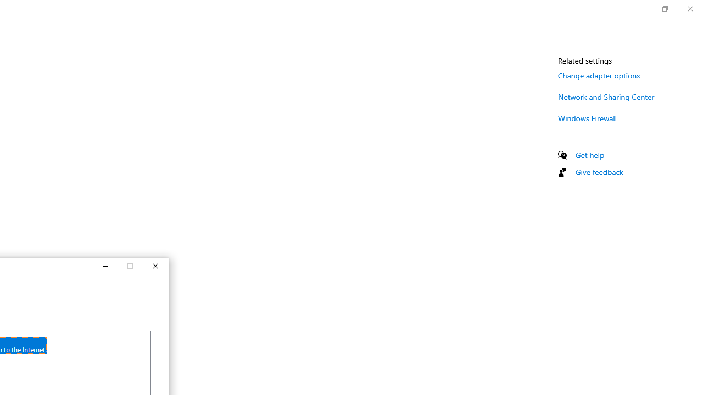  Describe the element at coordinates (130, 267) in the screenshot. I see `'Maximize'` at that location.